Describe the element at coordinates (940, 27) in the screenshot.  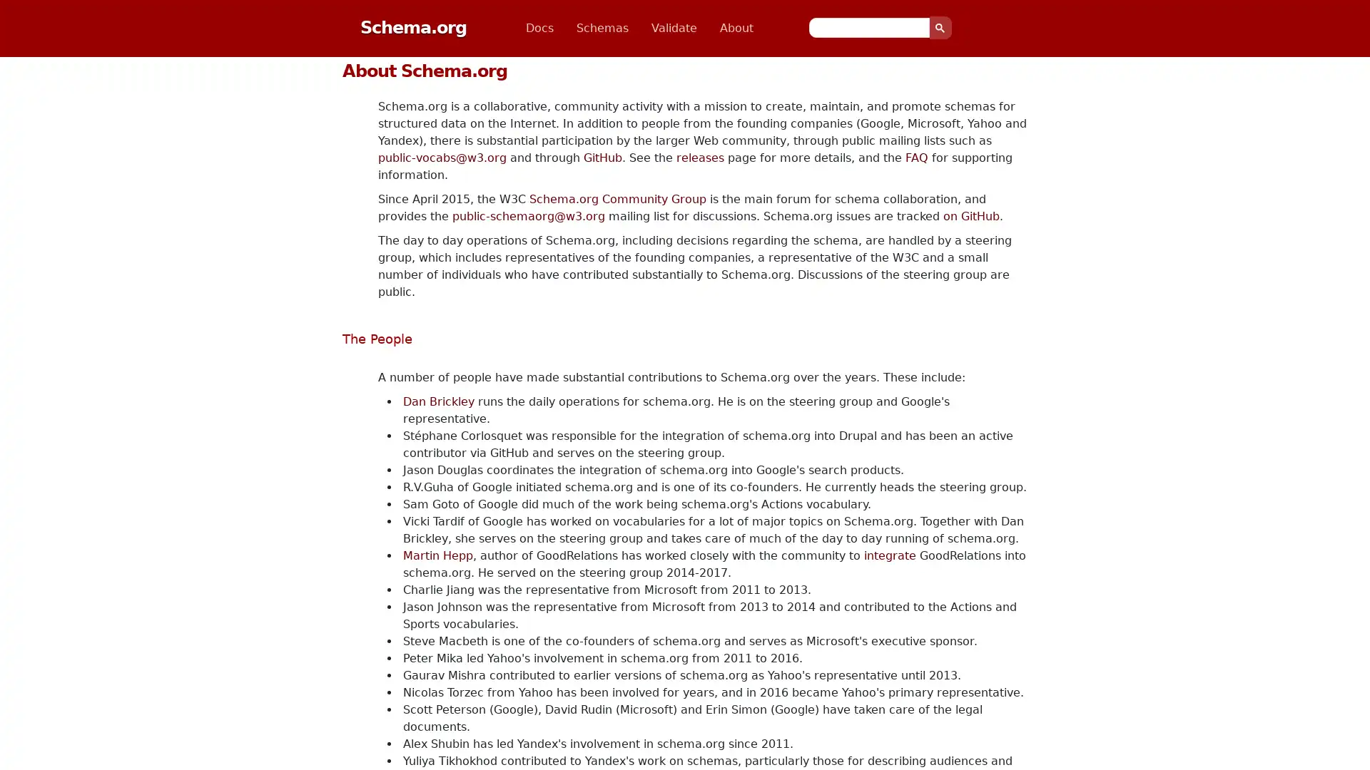
I see `search` at that location.